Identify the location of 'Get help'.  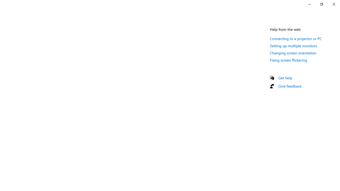
(285, 78).